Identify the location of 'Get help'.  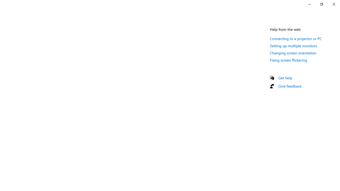
(285, 78).